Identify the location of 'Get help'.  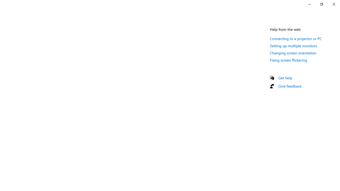
(285, 78).